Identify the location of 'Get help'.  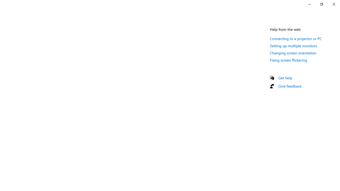
(285, 78).